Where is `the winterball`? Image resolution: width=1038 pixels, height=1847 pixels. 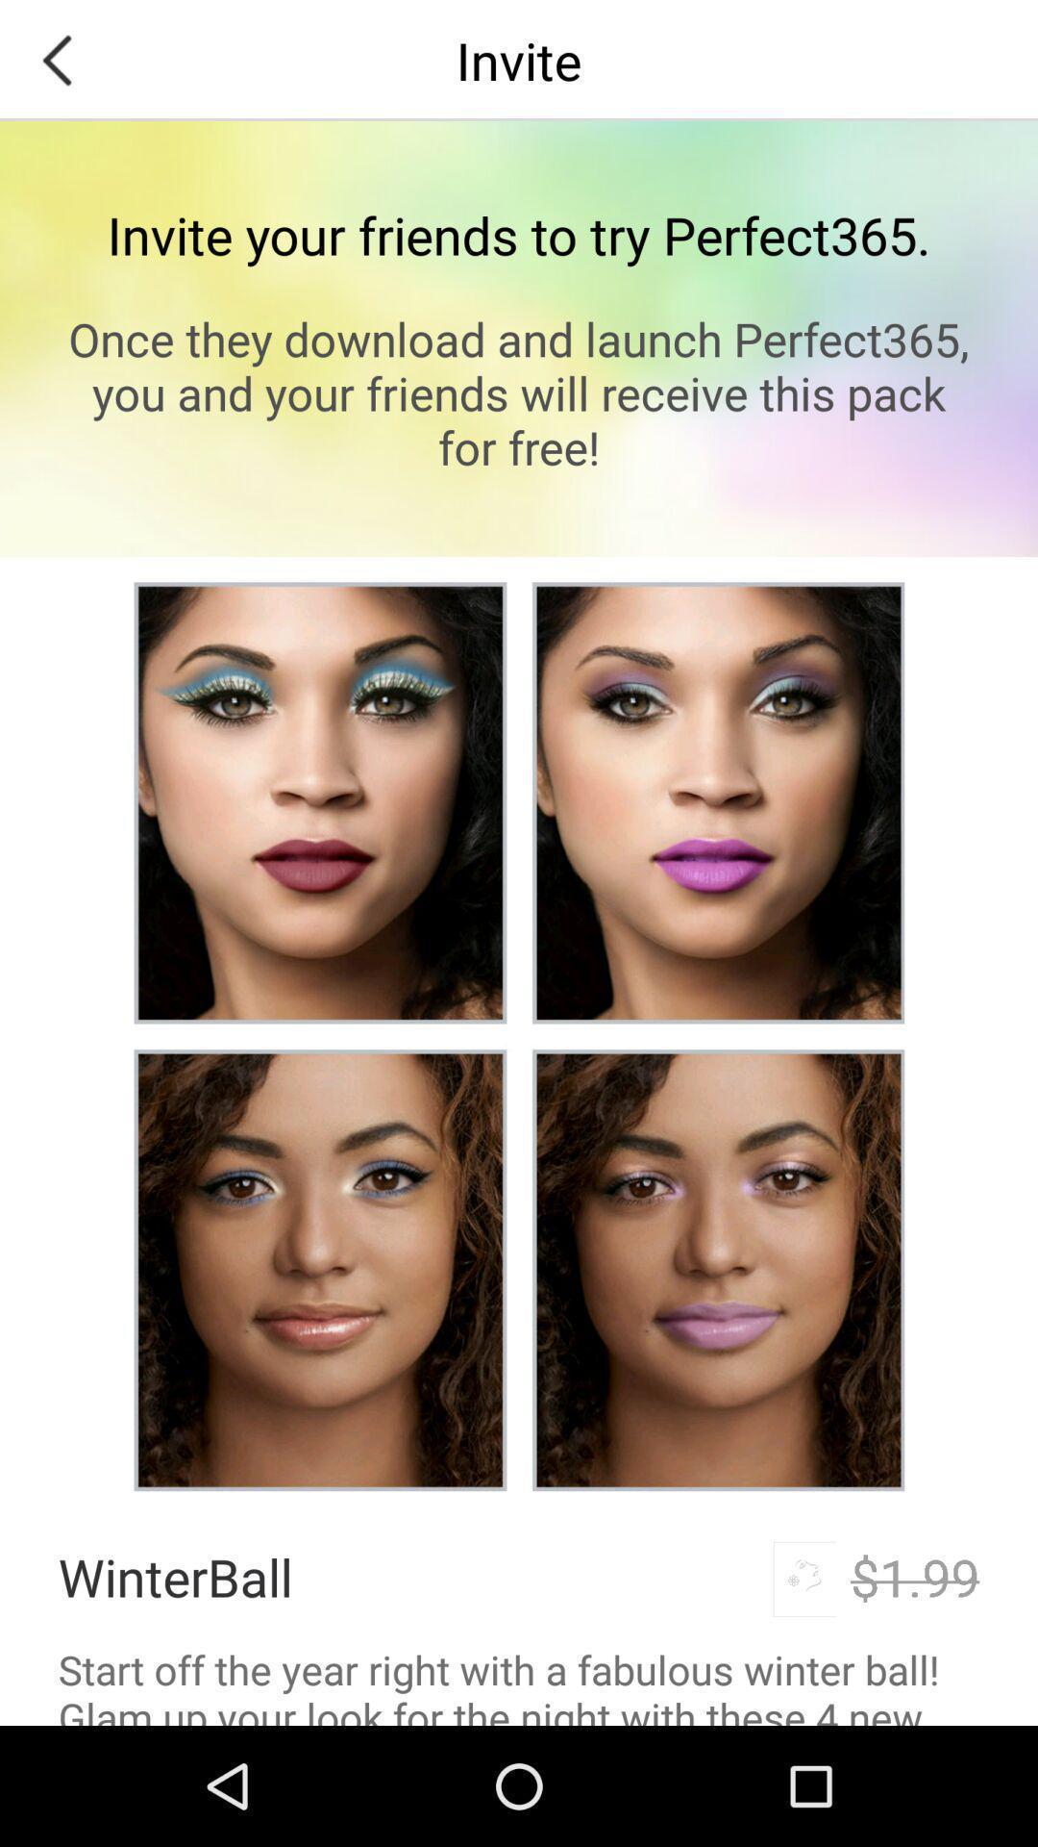 the winterball is located at coordinates (175, 1577).